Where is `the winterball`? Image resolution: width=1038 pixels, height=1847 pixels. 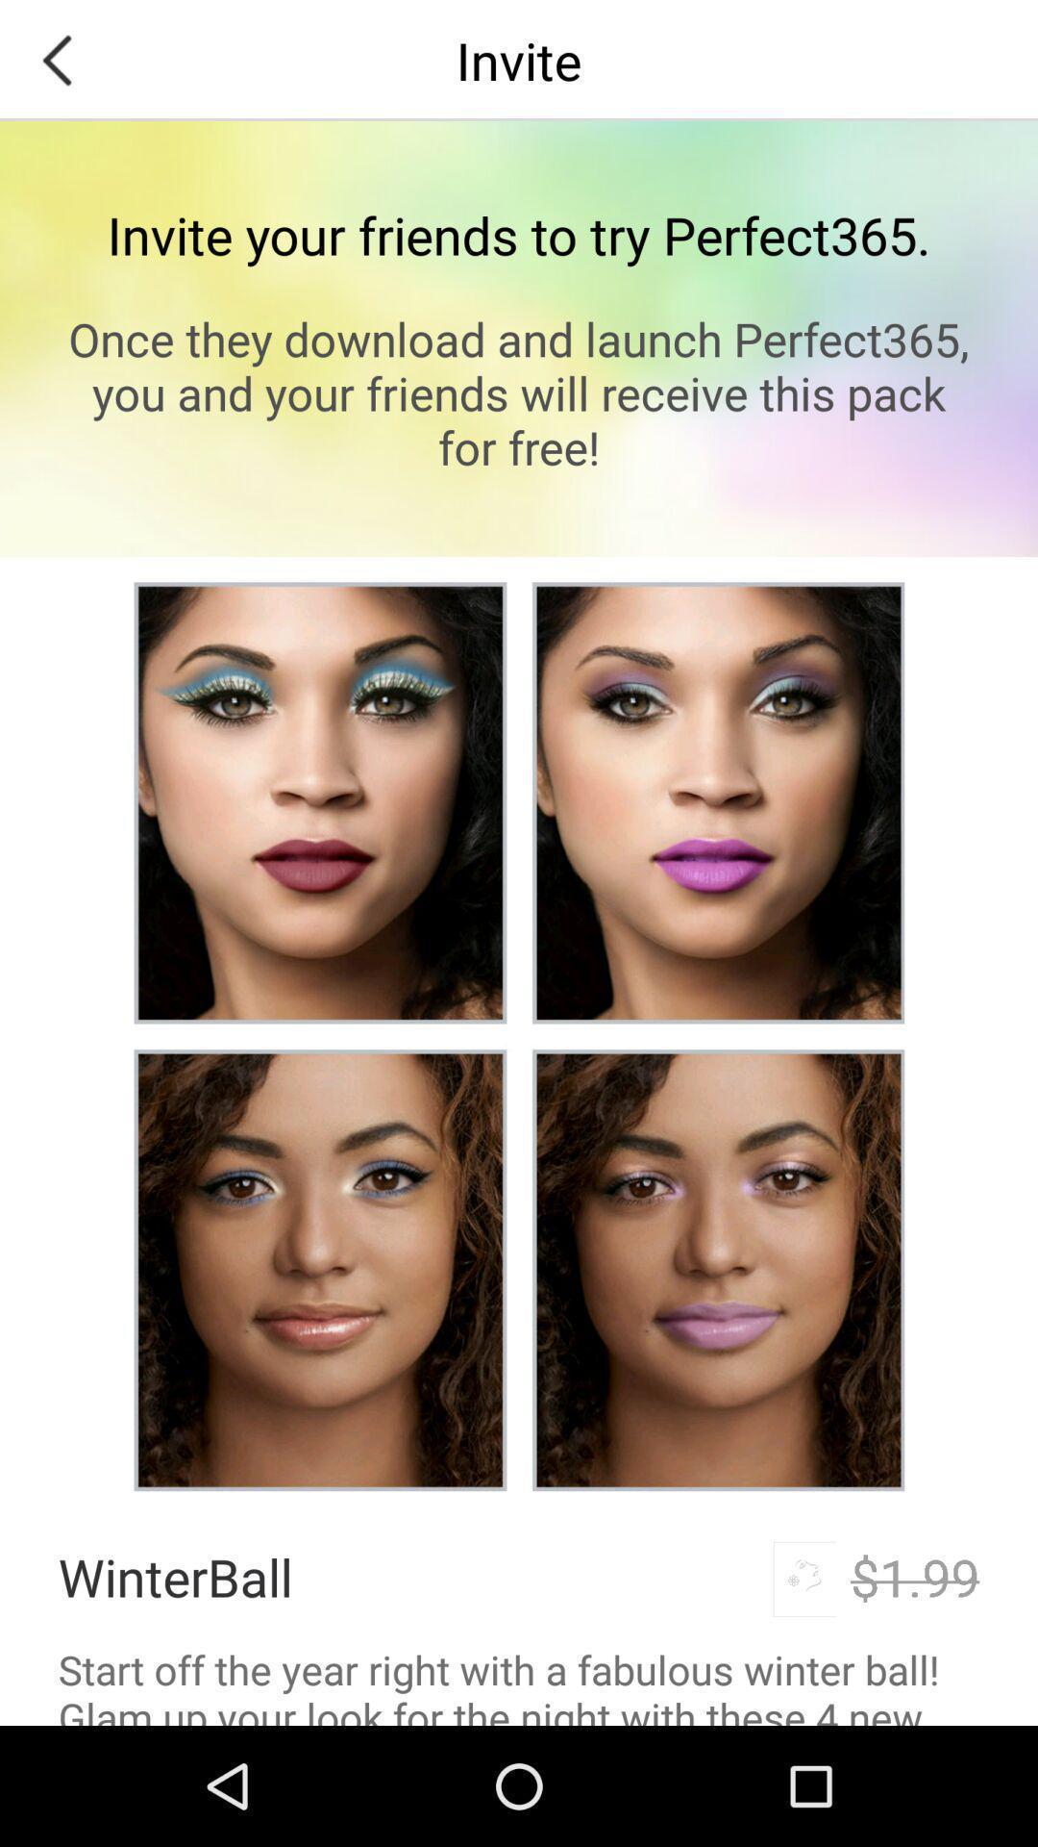 the winterball is located at coordinates (175, 1577).